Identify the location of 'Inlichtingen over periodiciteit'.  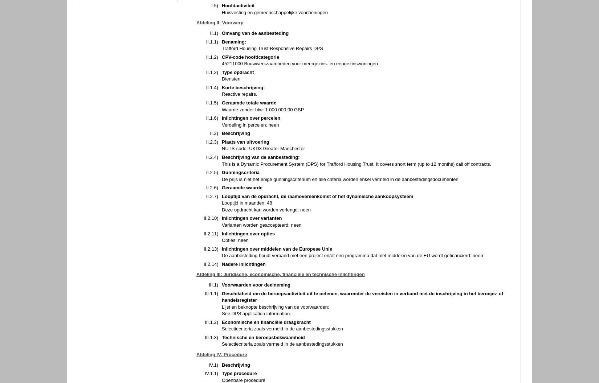
(254, 88).